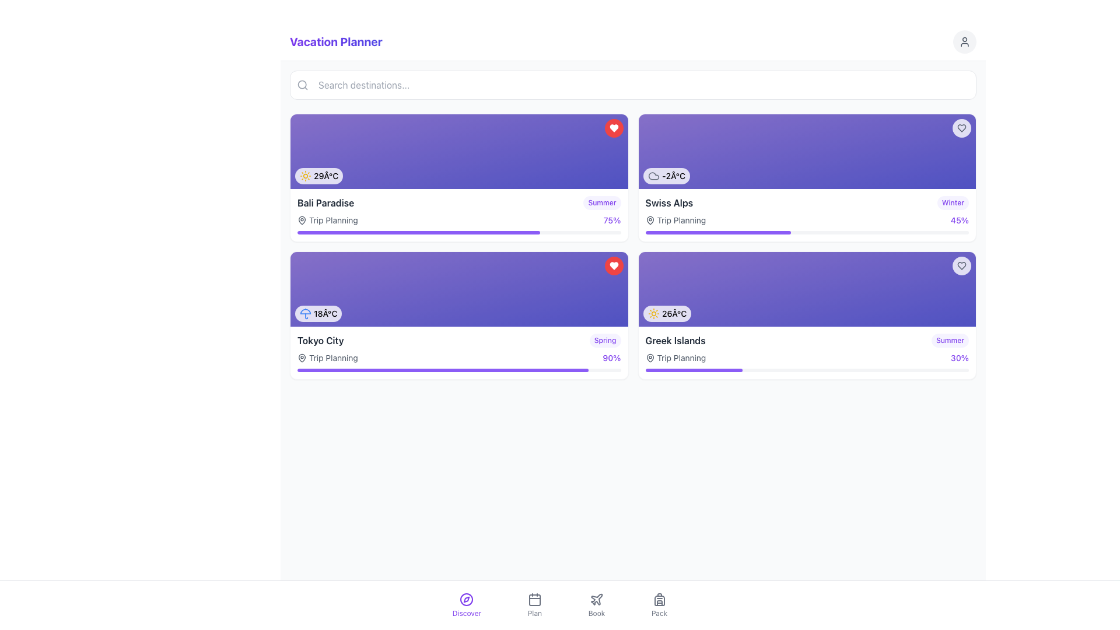 This screenshot has height=630, width=1120. Describe the element at coordinates (653, 313) in the screenshot. I see `the sun icon, which is a yellow icon with rounded edges and a line outline, located at the leftmost side of the temperature indicator displaying '26Â°C'` at that location.